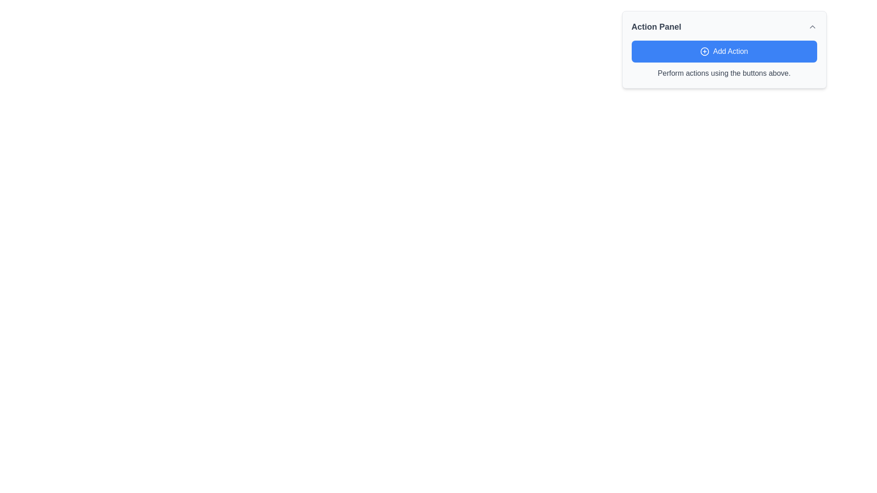 The height and width of the screenshot is (493, 877). I want to click on the blue button with rounded corners labeled 'Add Action', so click(724, 51).